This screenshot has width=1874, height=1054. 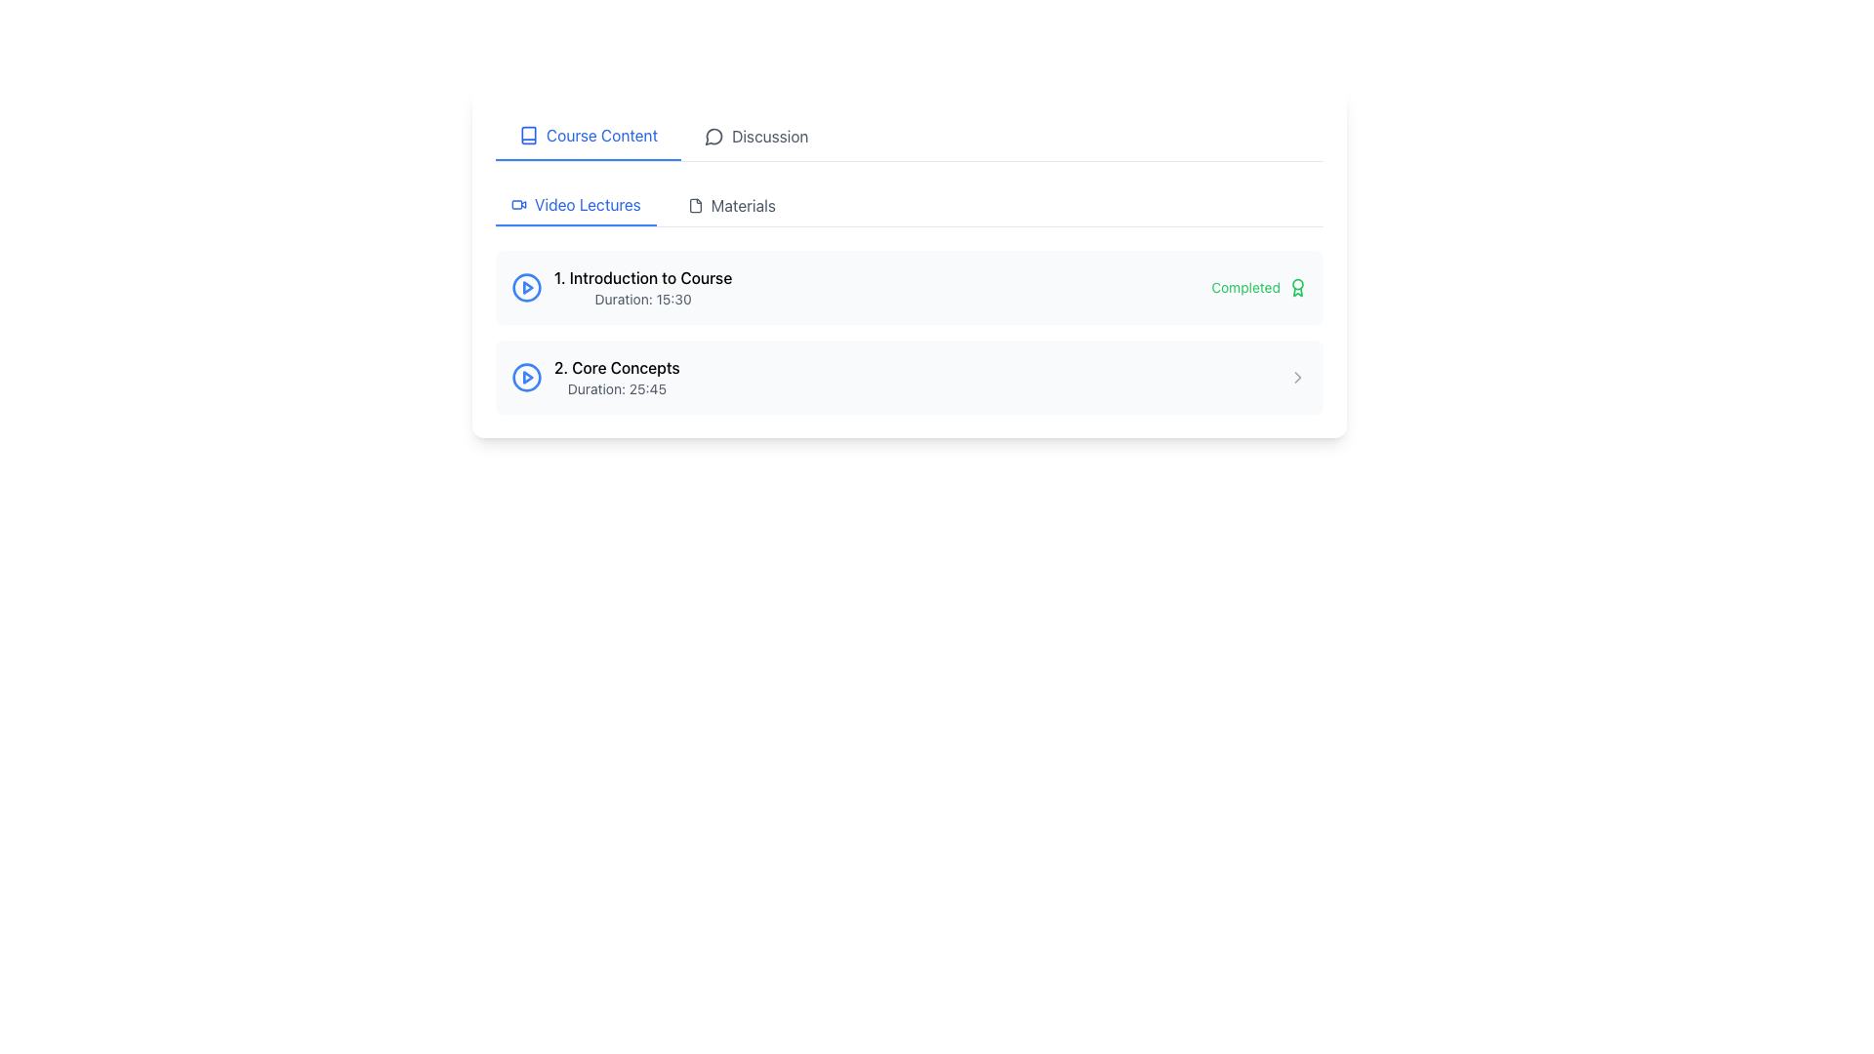 I want to click on the text label element representing the video lecture titled 'Core Concepts' with its duration, located below '1. Introduction to Course', so click(x=616, y=377).